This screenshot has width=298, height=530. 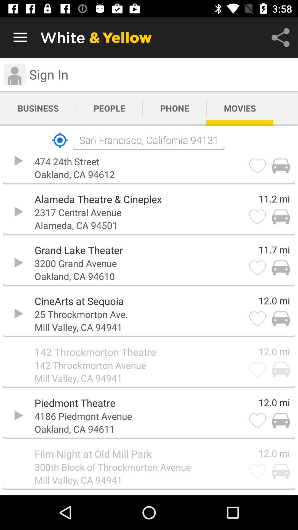 I want to click on the item below the business item, so click(x=60, y=140).